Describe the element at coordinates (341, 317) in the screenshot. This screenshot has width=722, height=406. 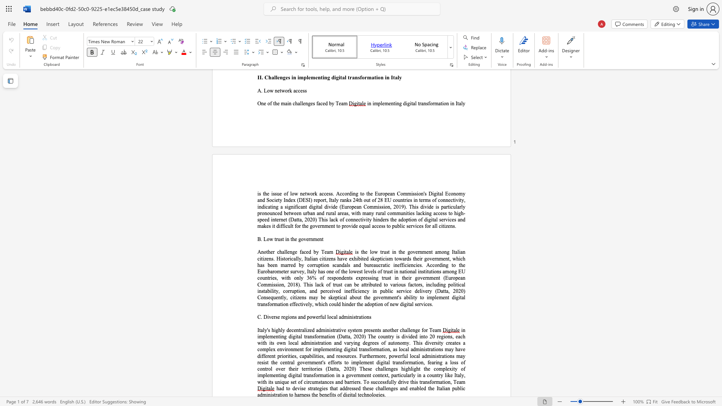
I see `the subset text "dministratio" within the text "C. Diverse regions and powerful local administrations"` at that location.